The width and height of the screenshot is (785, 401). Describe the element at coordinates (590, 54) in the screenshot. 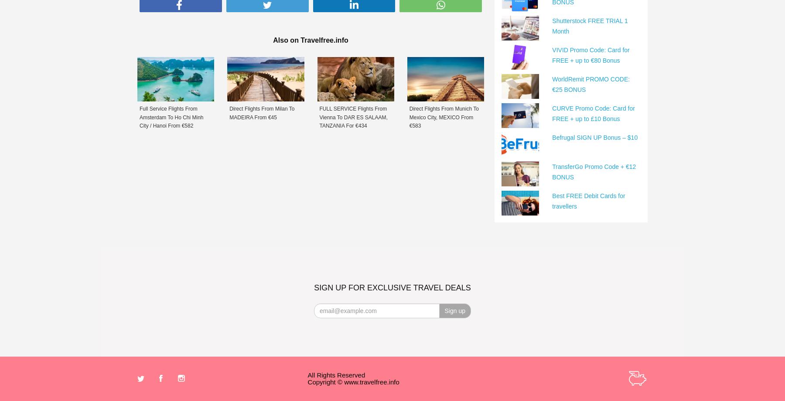

I see `'VIVID Promo Code: Card for FREE + up to €80 Bonus'` at that location.